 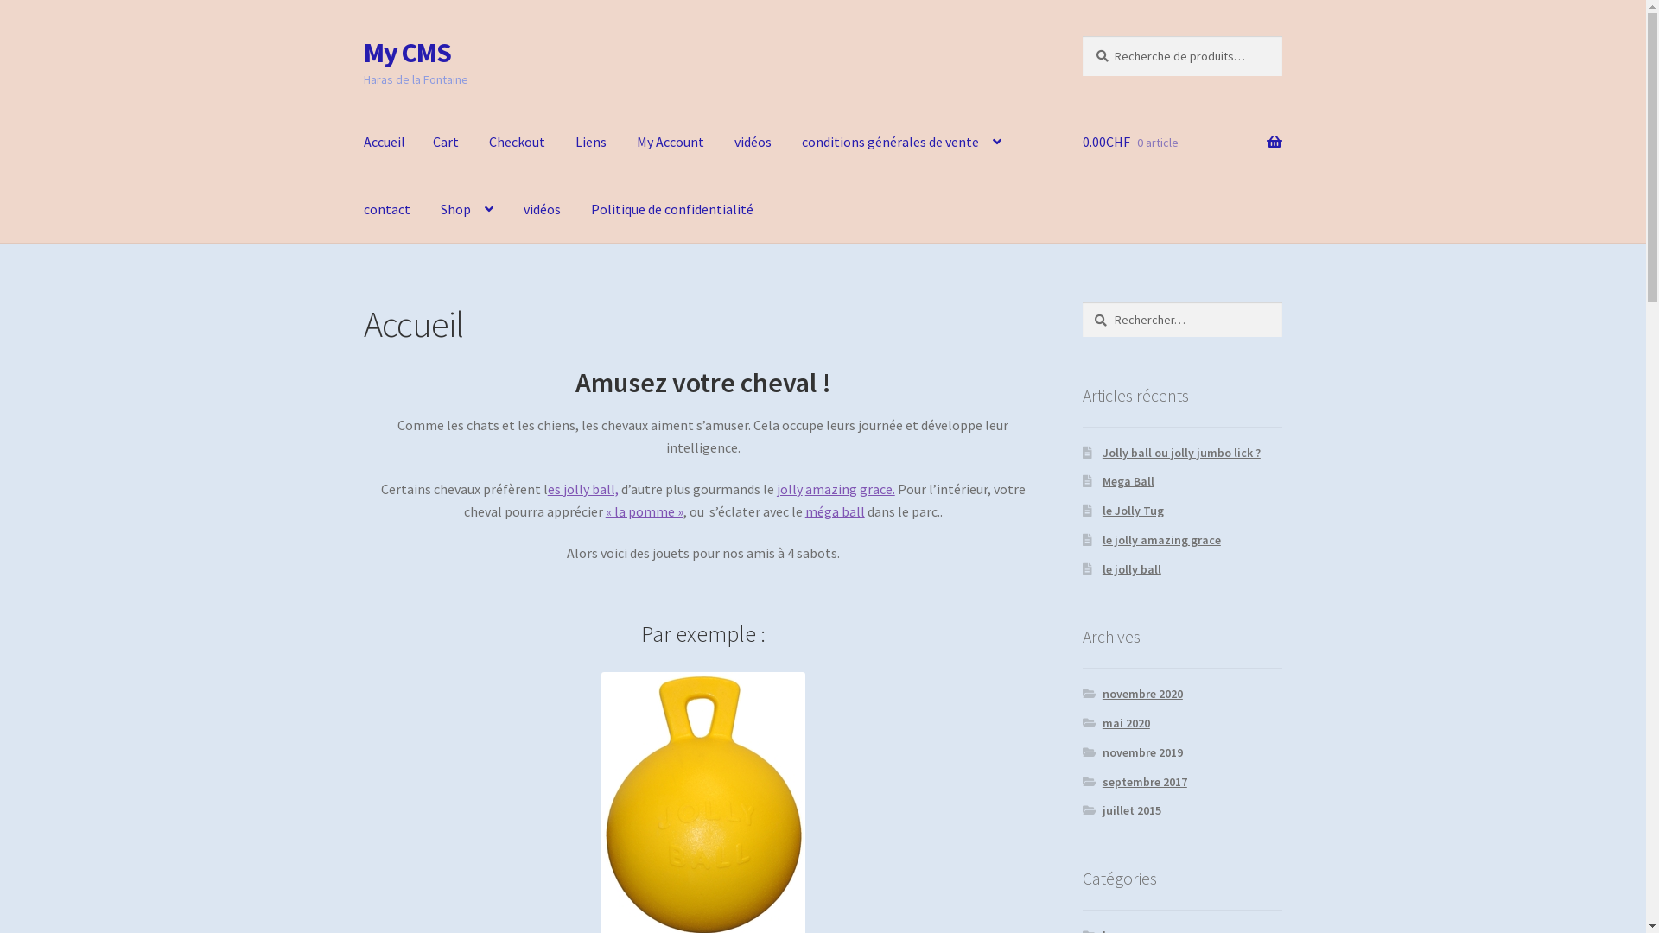 I want to click on 'Shop', so click(x=467, y=209).